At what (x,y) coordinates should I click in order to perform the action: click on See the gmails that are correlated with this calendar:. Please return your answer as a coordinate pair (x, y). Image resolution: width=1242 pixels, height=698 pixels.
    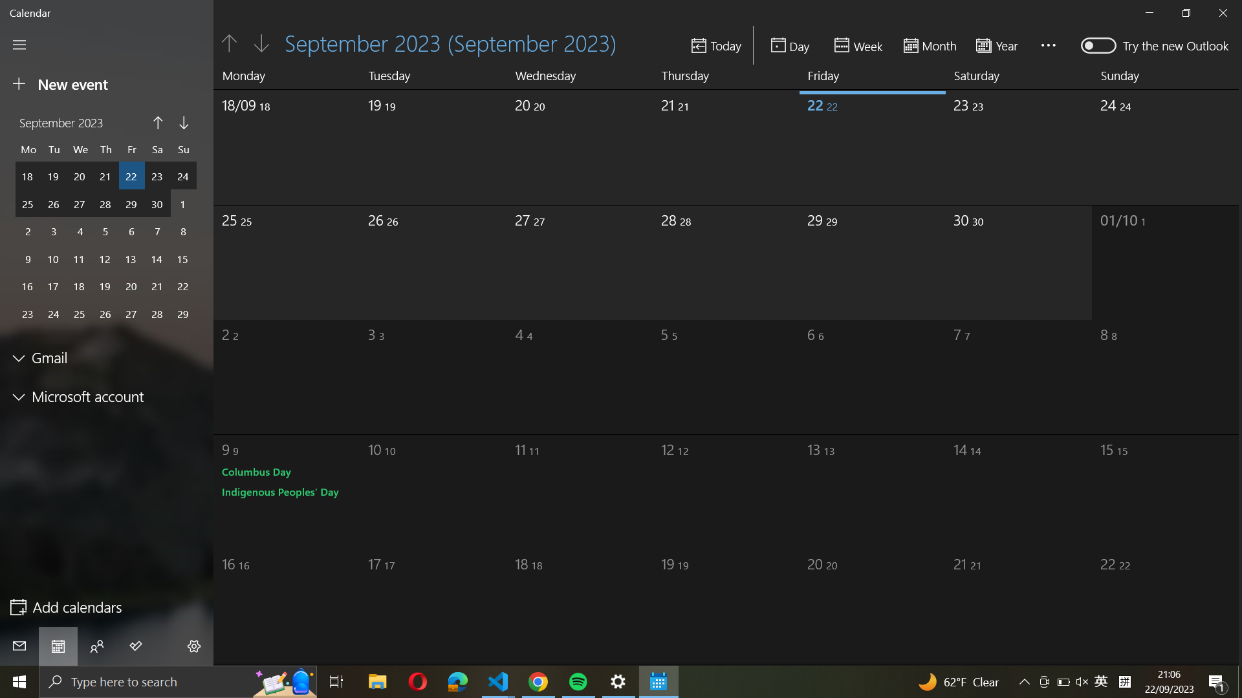
    Looking at the image, I should click on (107, 358).